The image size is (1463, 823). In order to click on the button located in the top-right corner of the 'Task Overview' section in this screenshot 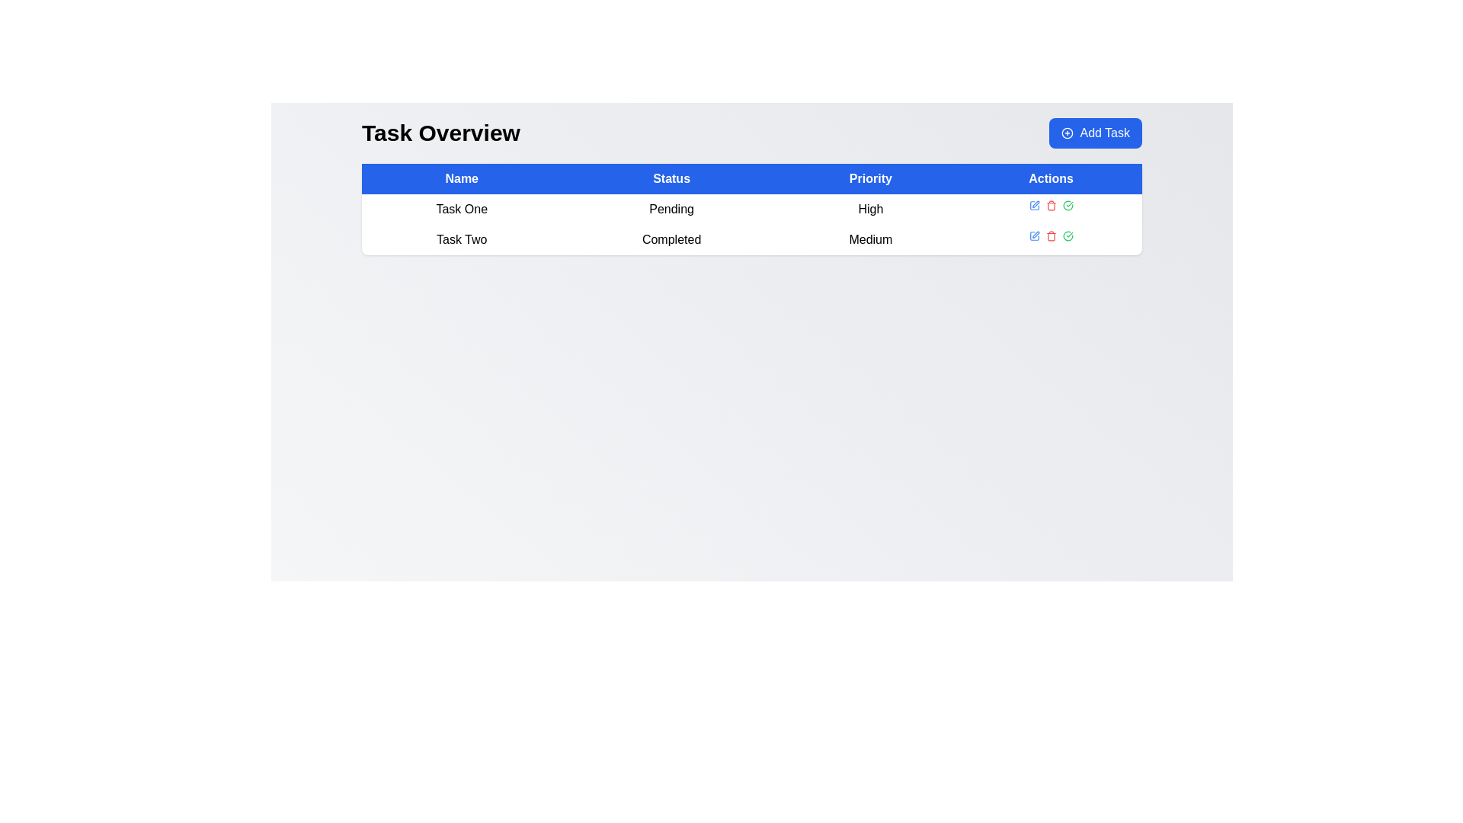, I will do `click(1095, 132)`.